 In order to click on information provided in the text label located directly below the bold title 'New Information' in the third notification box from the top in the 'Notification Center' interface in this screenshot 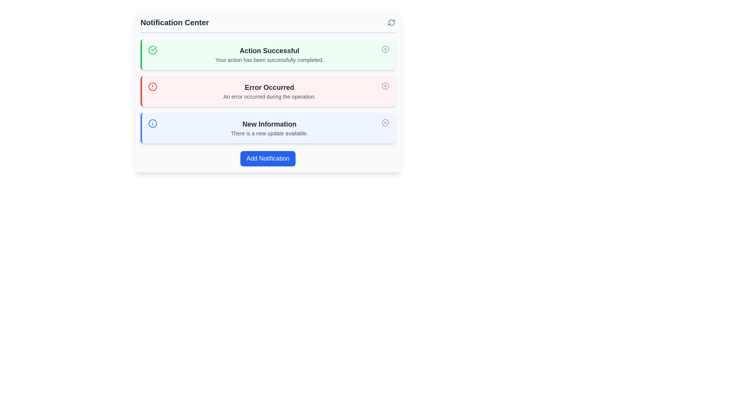, I will do `click(269, 133)`.